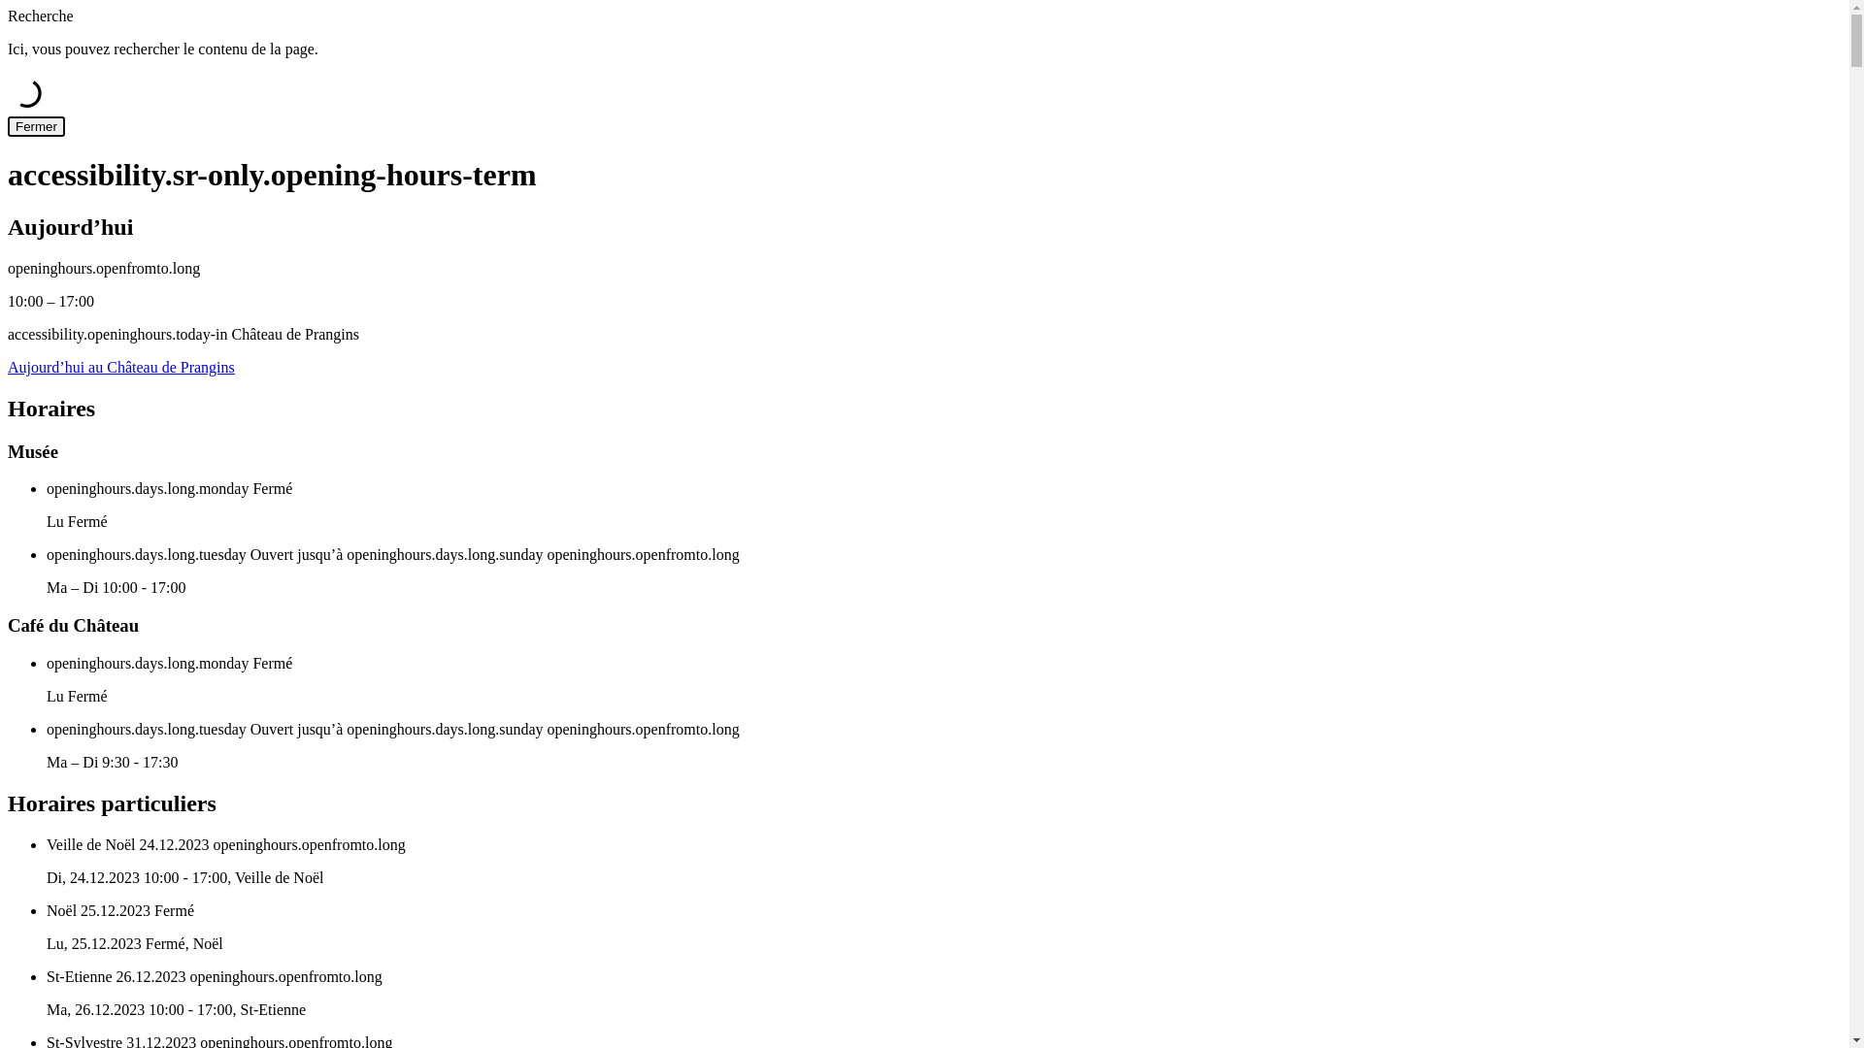 The height and width of the screenshot is (1048, 1864). What do you see at coordinates (8, 126) in the screenshot?
I see `'Fermer'` at bounding box center [8, 126].